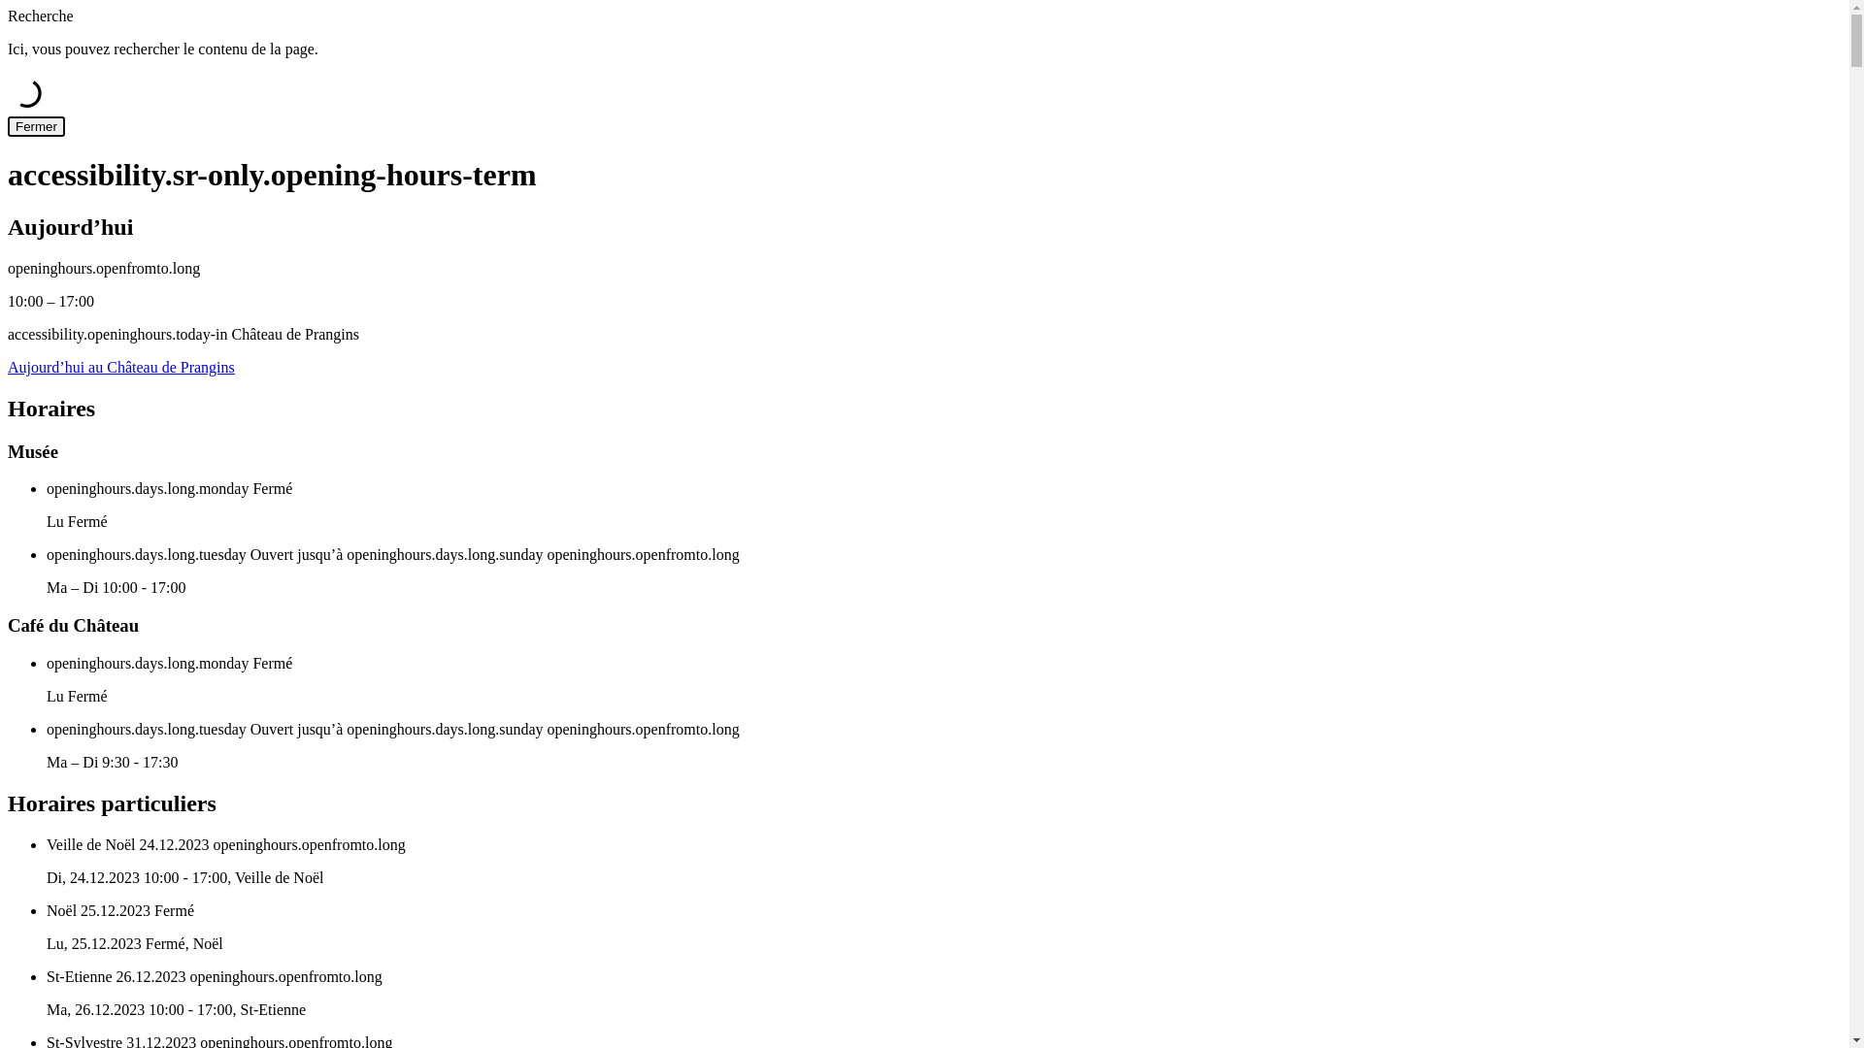 The height and width of the screenshot is (1048, 1864). What do you see at coordinates (8, 126) in the screenshot?
I see `'Fermer'` at bounding box center [8, 126].